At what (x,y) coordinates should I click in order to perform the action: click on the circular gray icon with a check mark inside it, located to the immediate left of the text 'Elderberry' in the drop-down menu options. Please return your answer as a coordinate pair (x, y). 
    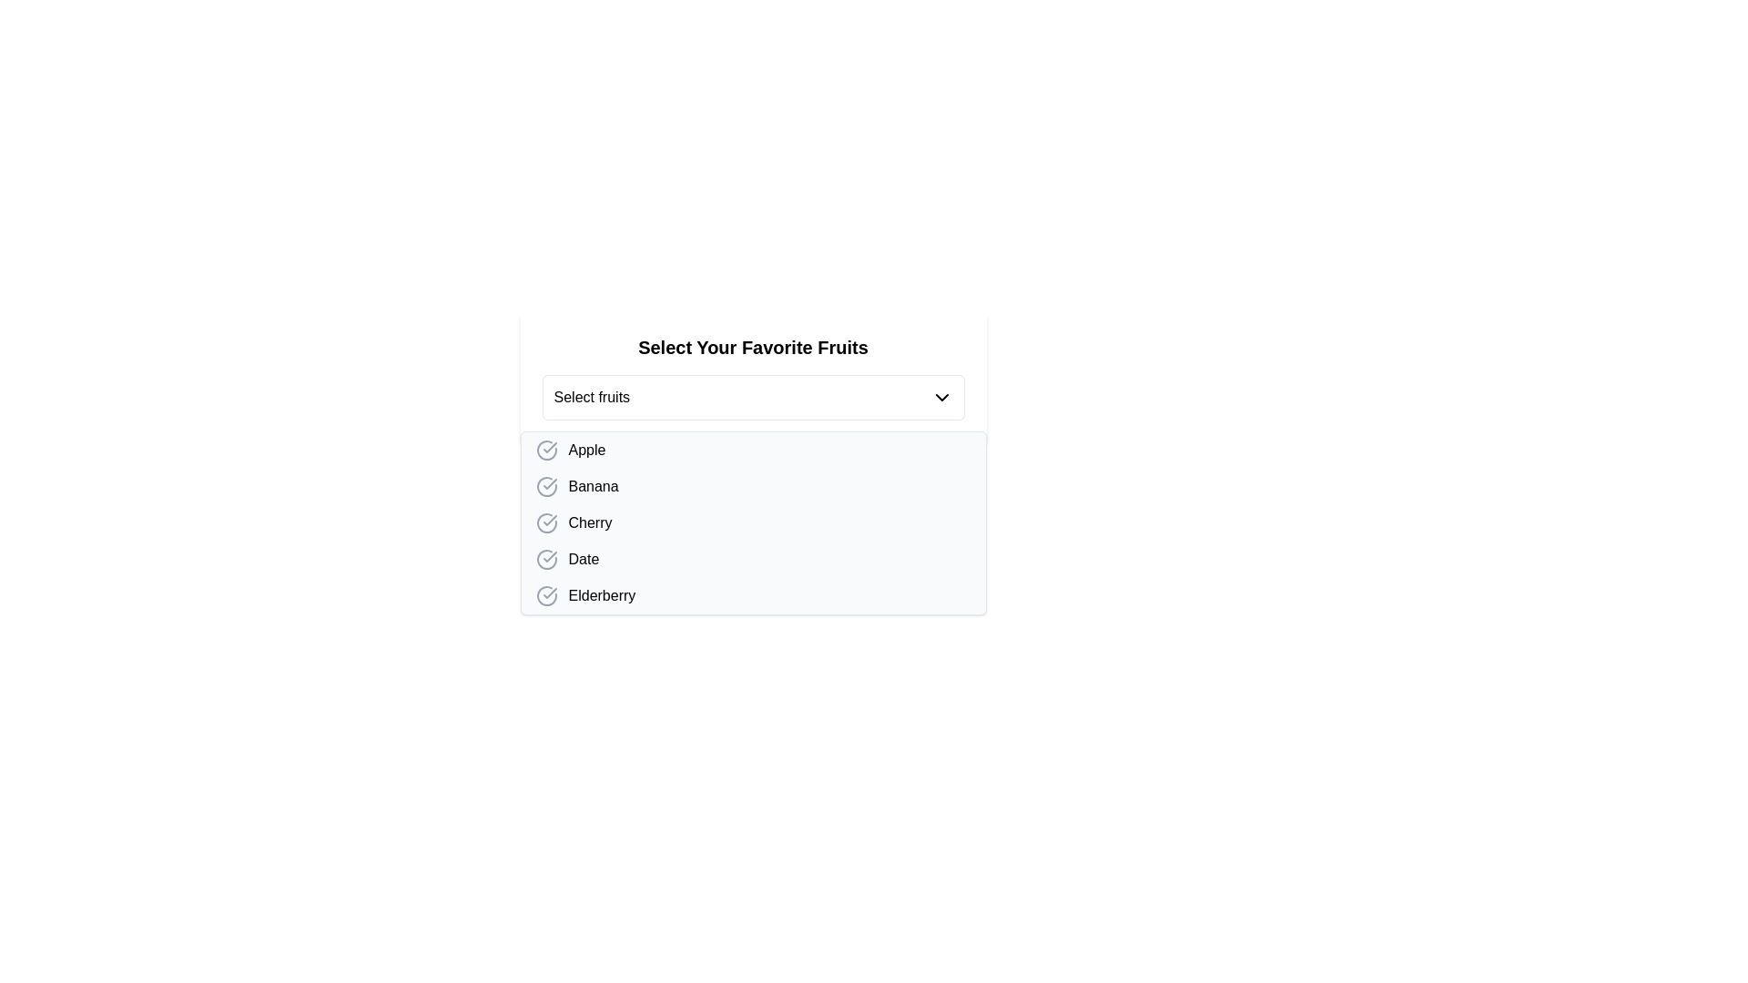
    Looking at the image, I should click on (545, 596).